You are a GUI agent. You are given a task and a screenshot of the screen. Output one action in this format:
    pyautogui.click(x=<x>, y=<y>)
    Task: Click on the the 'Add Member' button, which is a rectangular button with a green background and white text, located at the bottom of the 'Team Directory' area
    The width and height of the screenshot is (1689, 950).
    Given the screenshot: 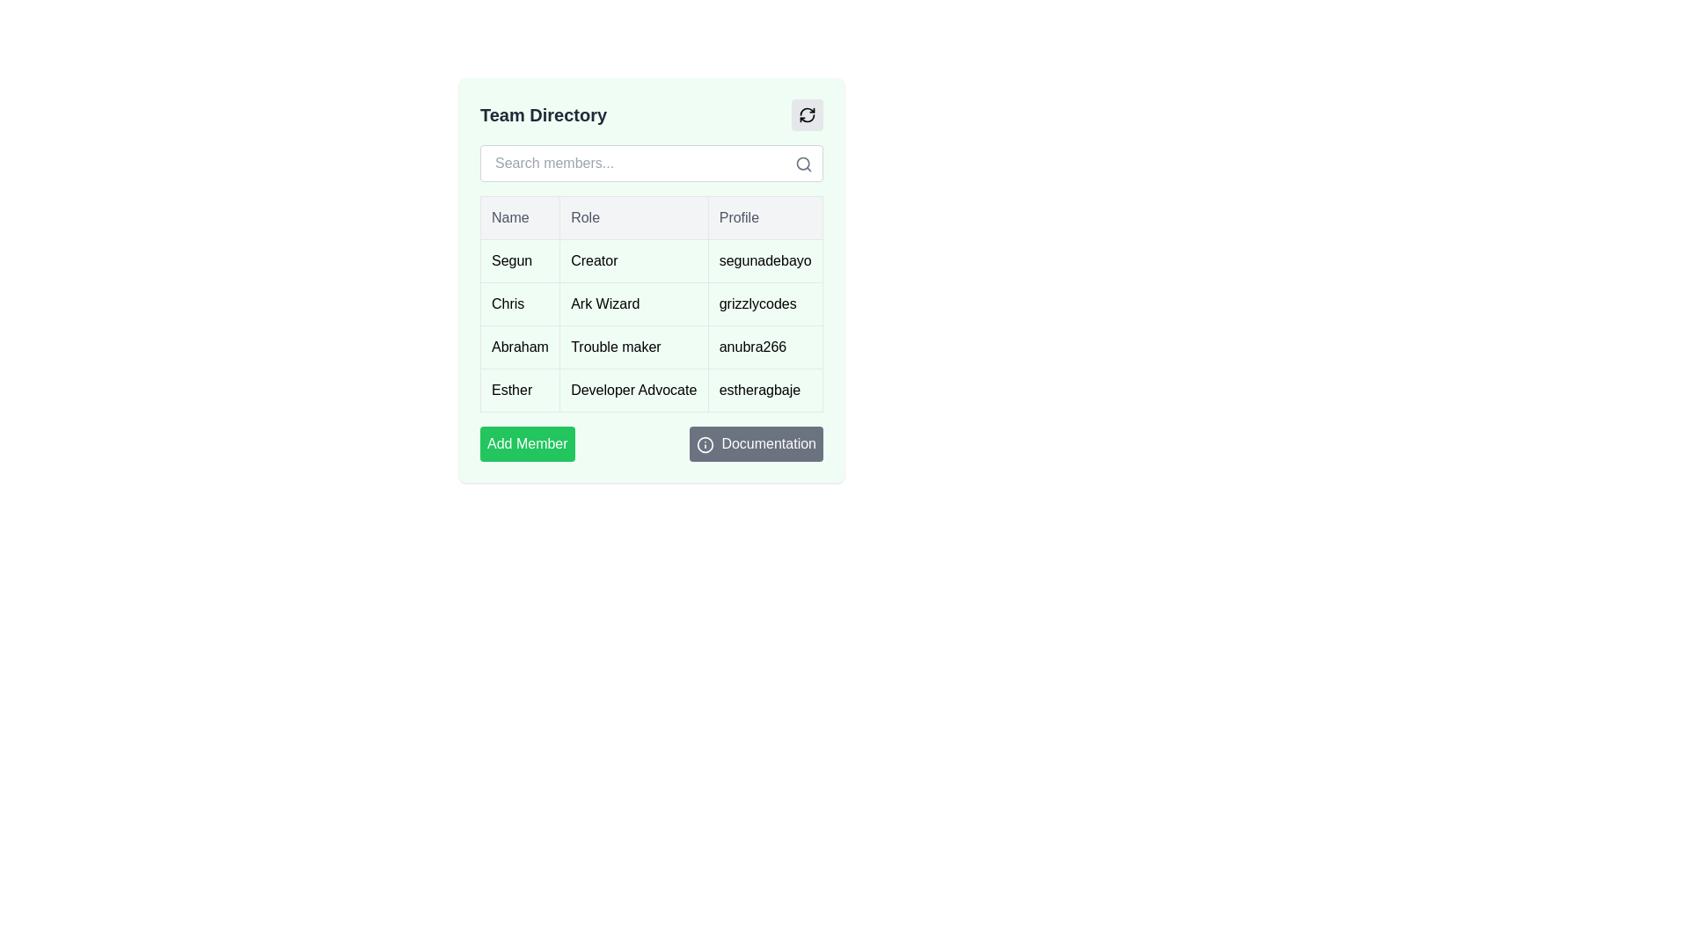 What is the action you would take?
    pyautogui.click(x=526, y=443)
    